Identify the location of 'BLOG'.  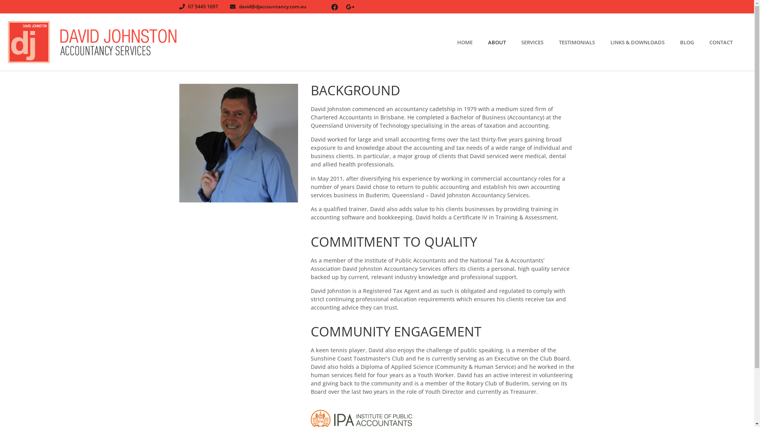
(694, 42).